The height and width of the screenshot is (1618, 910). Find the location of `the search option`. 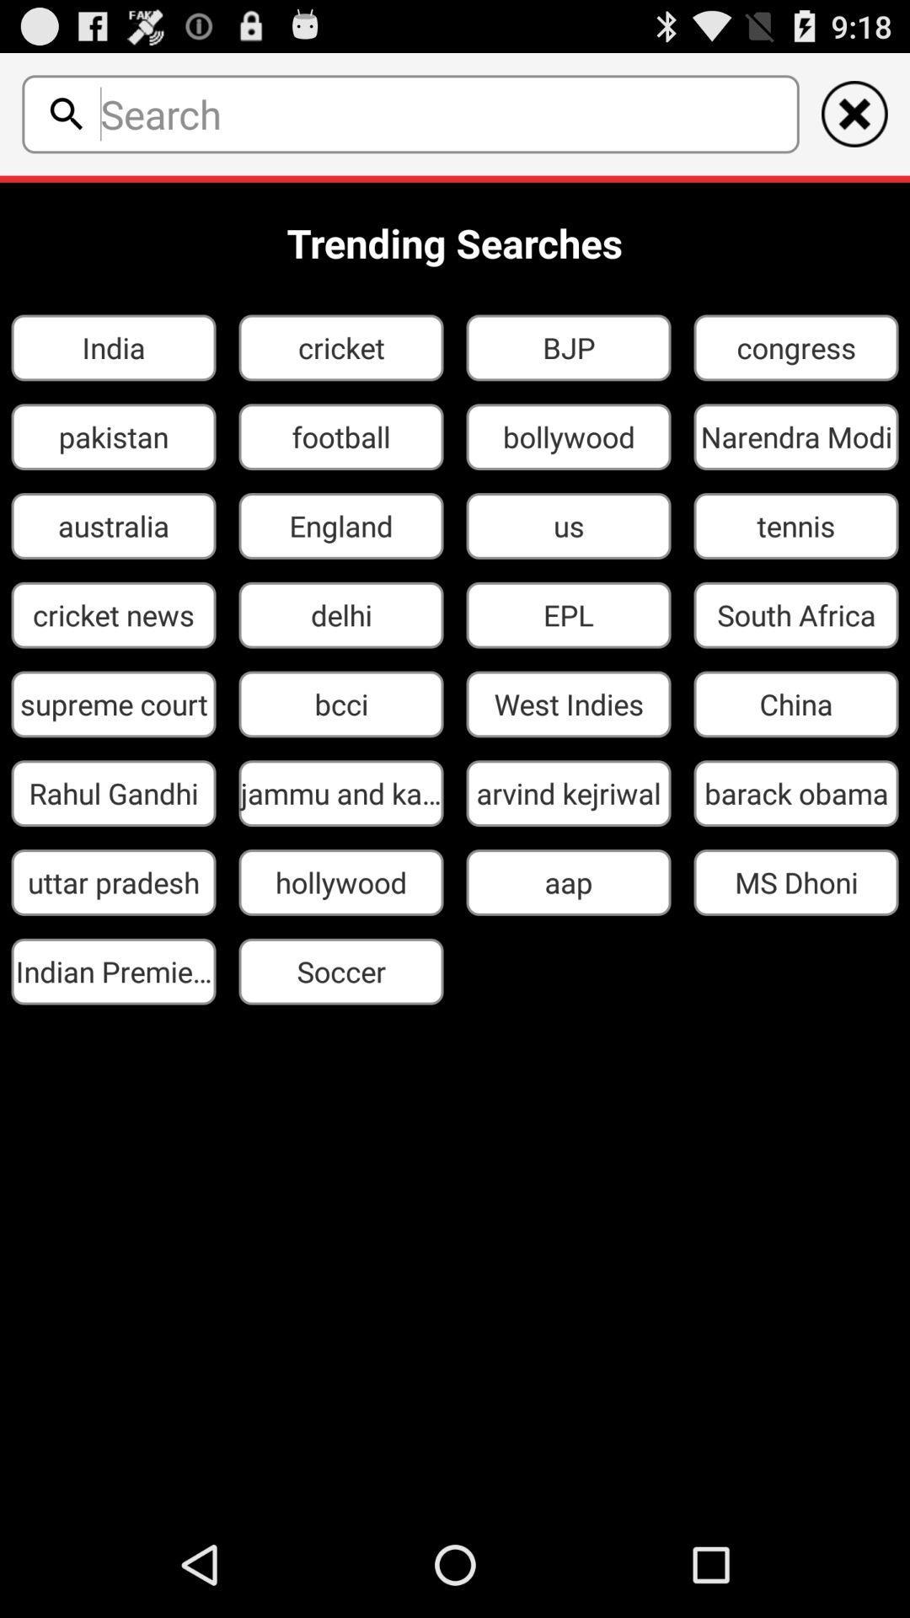

the search option is located at coordinates (66, 113).